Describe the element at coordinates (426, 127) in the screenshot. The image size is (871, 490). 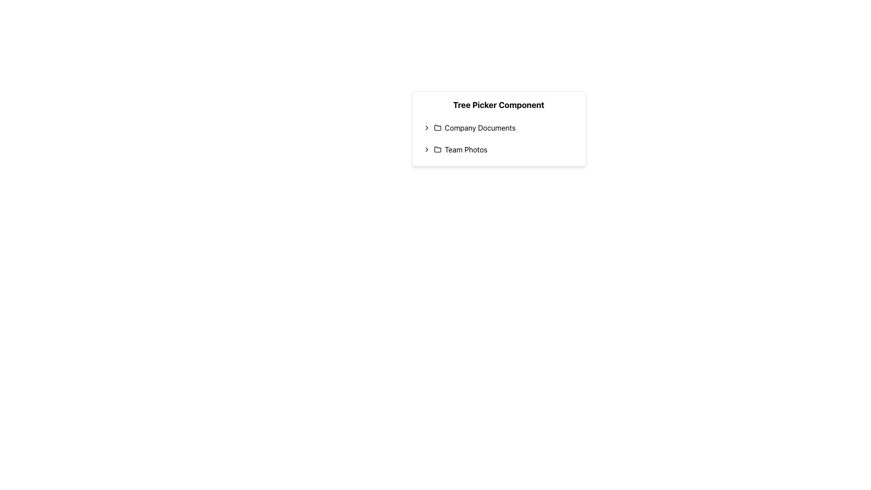
I see `the small right-facing chevron icon with a bold black stroke, which is located to the left of the label 'Company Documents'` at that location.